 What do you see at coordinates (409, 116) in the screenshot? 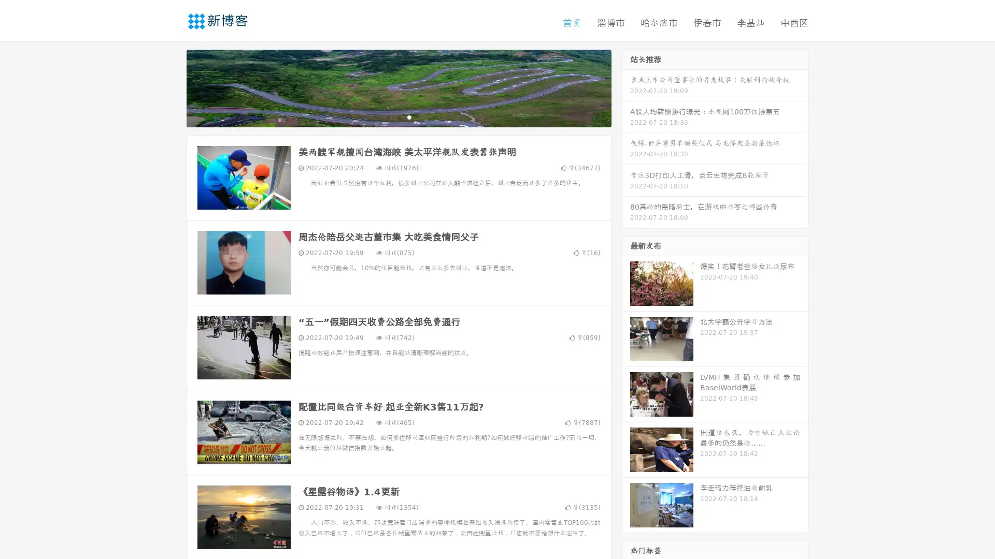
I see `Go to slide 3` at bounding box center [409, 116].